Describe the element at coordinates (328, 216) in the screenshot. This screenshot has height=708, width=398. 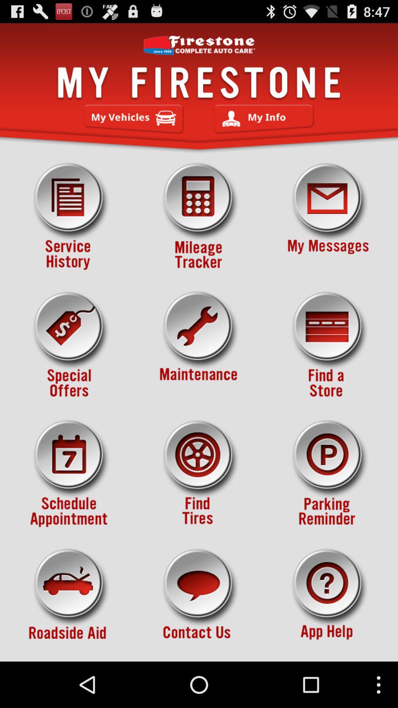
I see `check your messages` at that location.